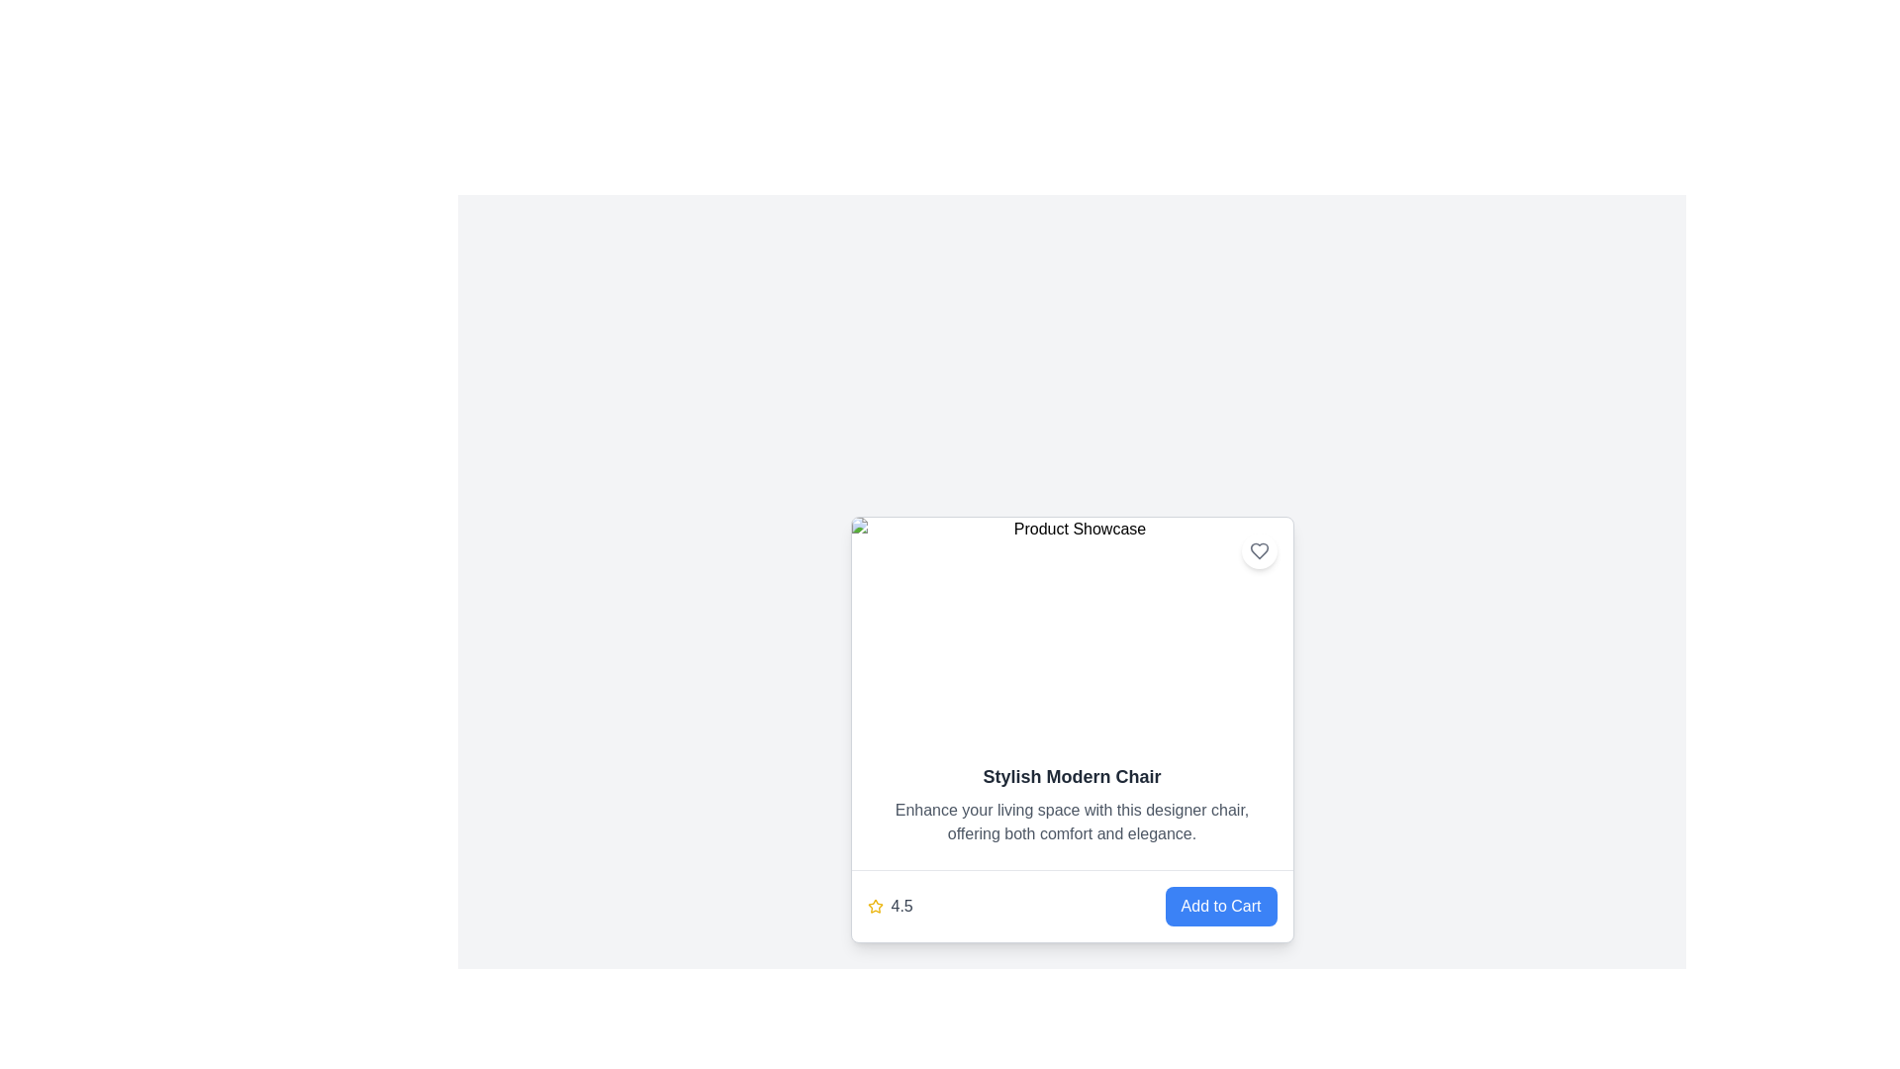 The height and width of the screenshot is (1069, 1900). I want to click on descriptive text block located beneath the bold title 'Stylish Modern Chair', which is styled with a light gray color and medium-sized font, so click(1071, 822).